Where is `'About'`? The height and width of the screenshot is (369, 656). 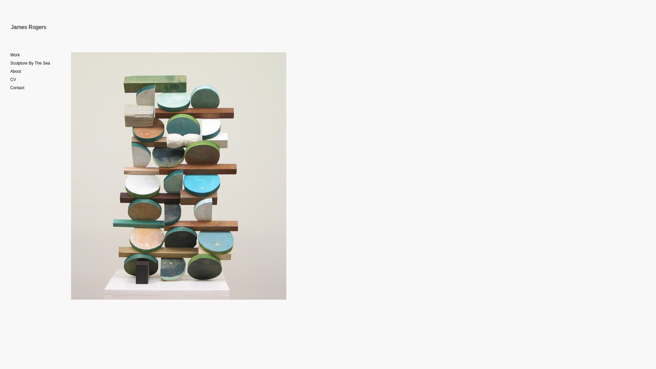
'About' is located at coordinates (15, 71).